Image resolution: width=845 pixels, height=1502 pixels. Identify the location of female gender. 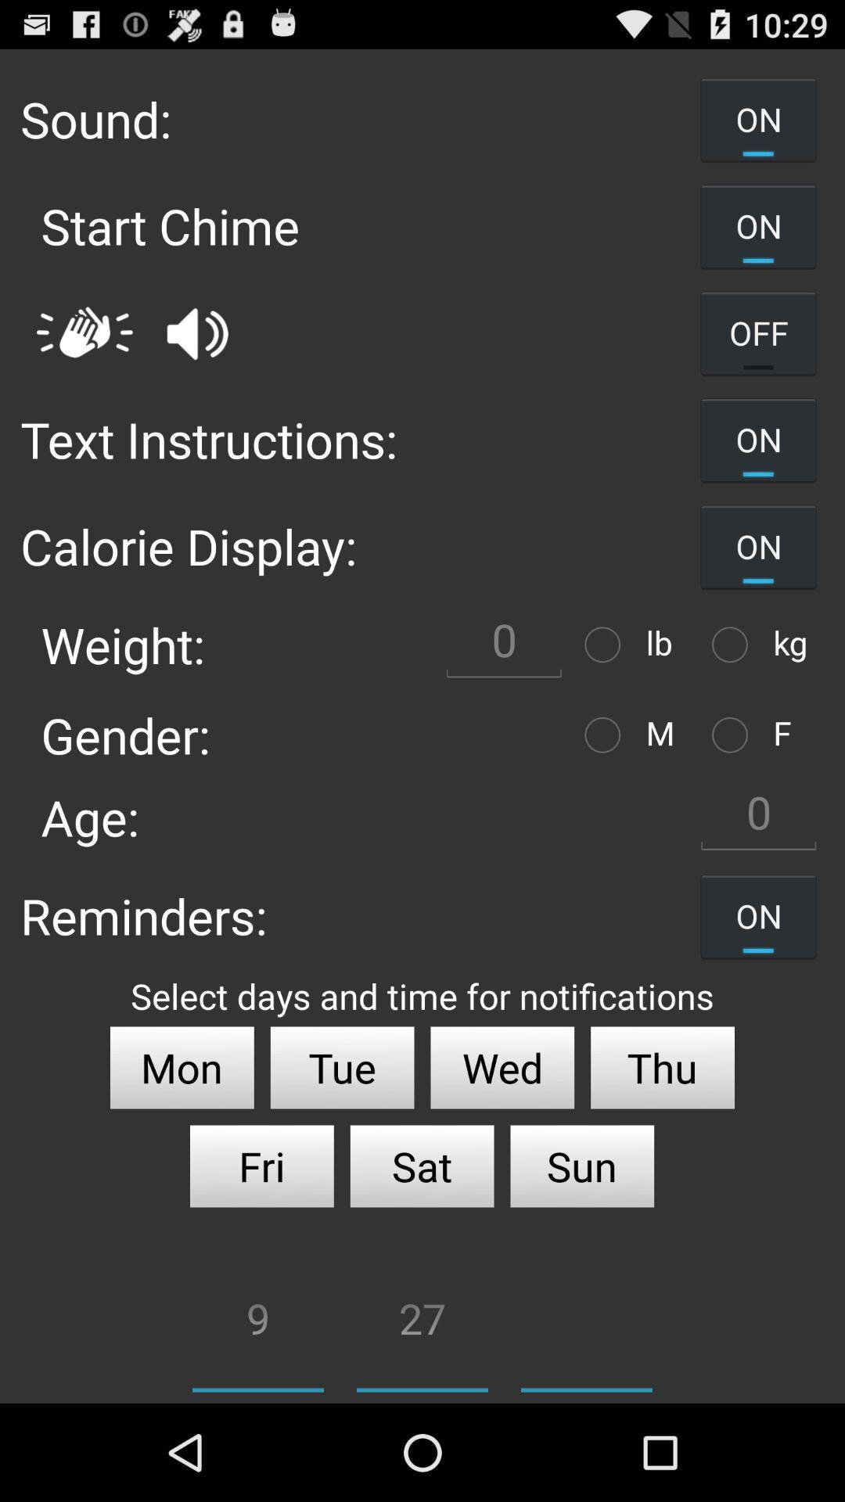
(734, 734).